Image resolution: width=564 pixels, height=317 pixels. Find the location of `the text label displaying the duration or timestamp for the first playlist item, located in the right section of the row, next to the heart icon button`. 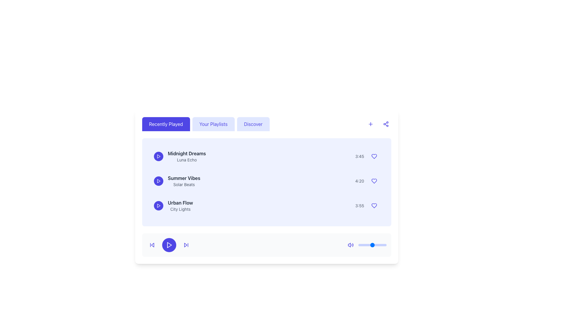

the text label displaying the duration or timestamp for the first playlist item, located in the right section of the row, next to the heart icon button is located at coordinates (359, 156).